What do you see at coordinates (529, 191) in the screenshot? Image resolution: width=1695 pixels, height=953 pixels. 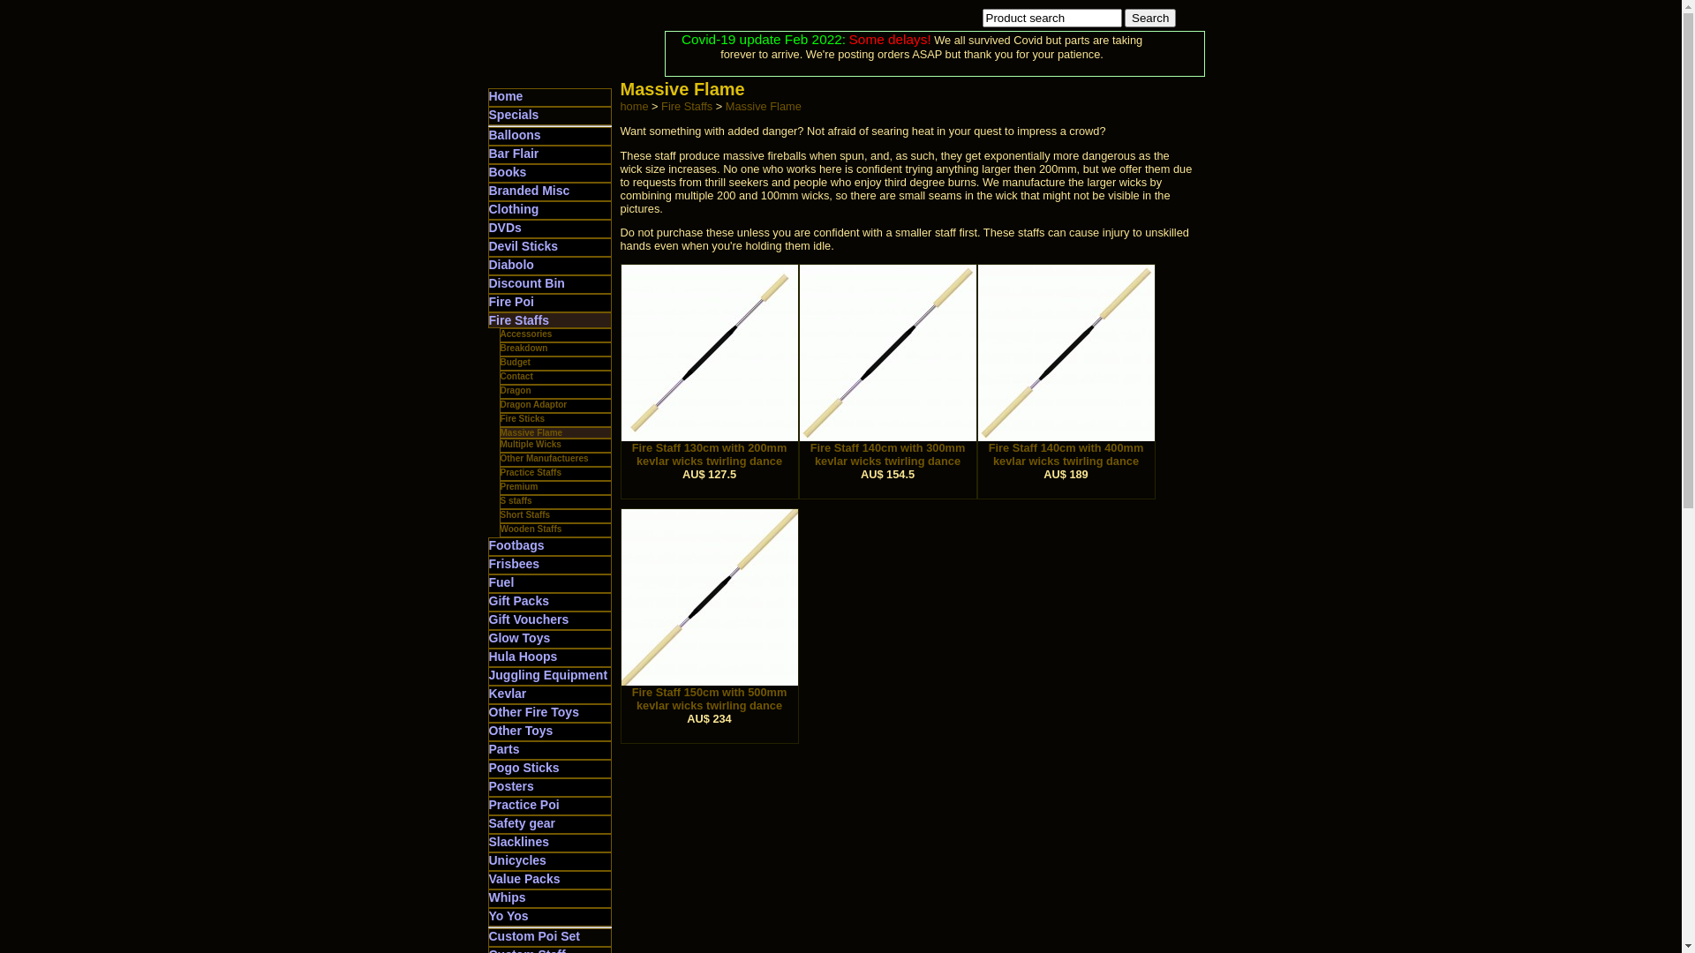 I see `'Branded Misc'` at bounding box center [529, 191].